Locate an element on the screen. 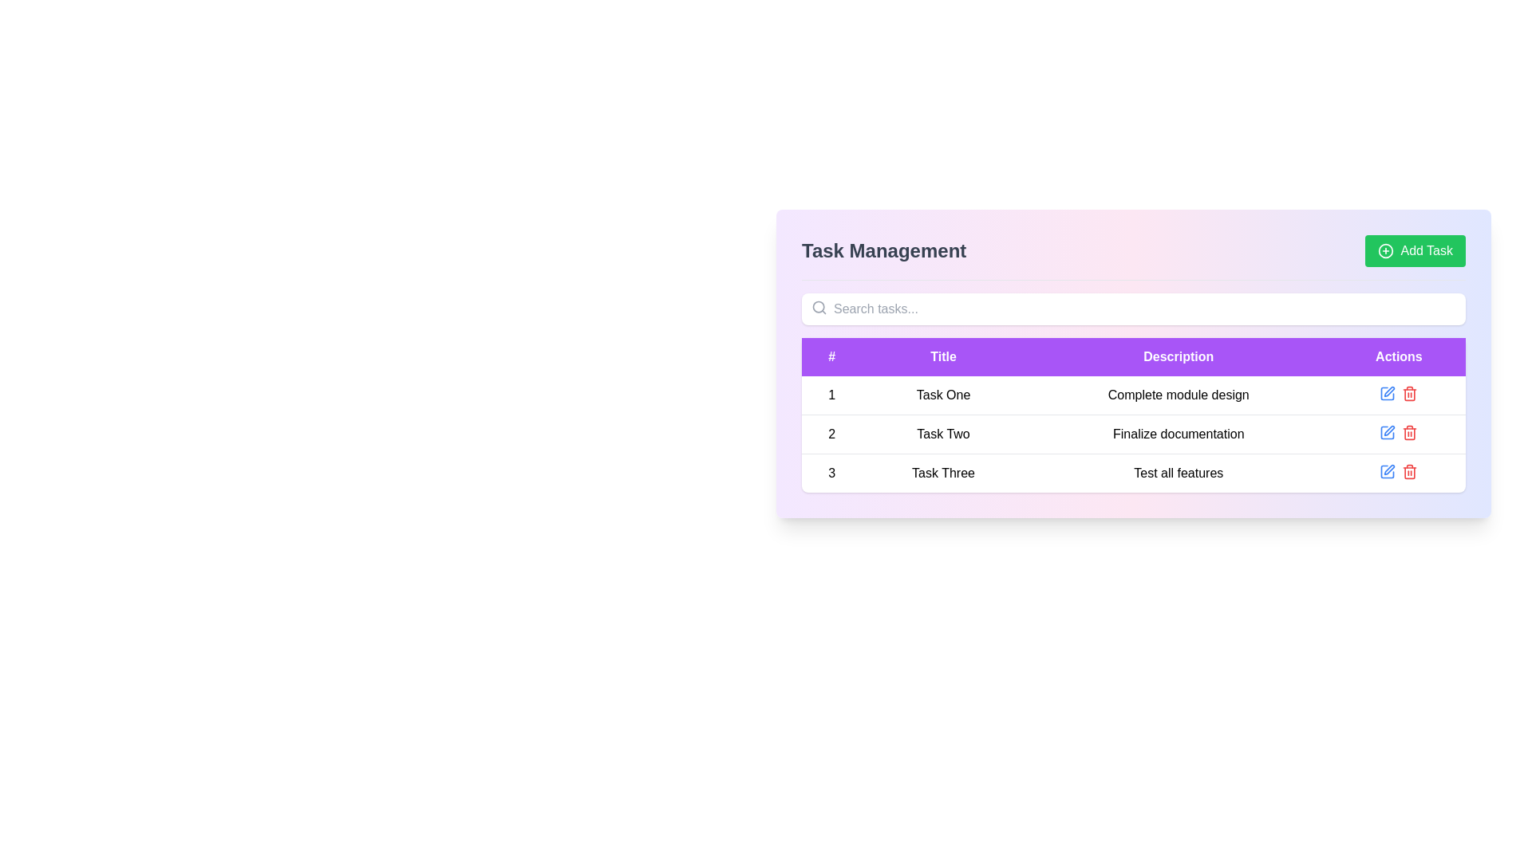 This screenshot has height=861, width=1532. the column header representing the index in the table, which is labeled `#` and located in the top-left corner of the table header row is located at coordinates (831, 356).